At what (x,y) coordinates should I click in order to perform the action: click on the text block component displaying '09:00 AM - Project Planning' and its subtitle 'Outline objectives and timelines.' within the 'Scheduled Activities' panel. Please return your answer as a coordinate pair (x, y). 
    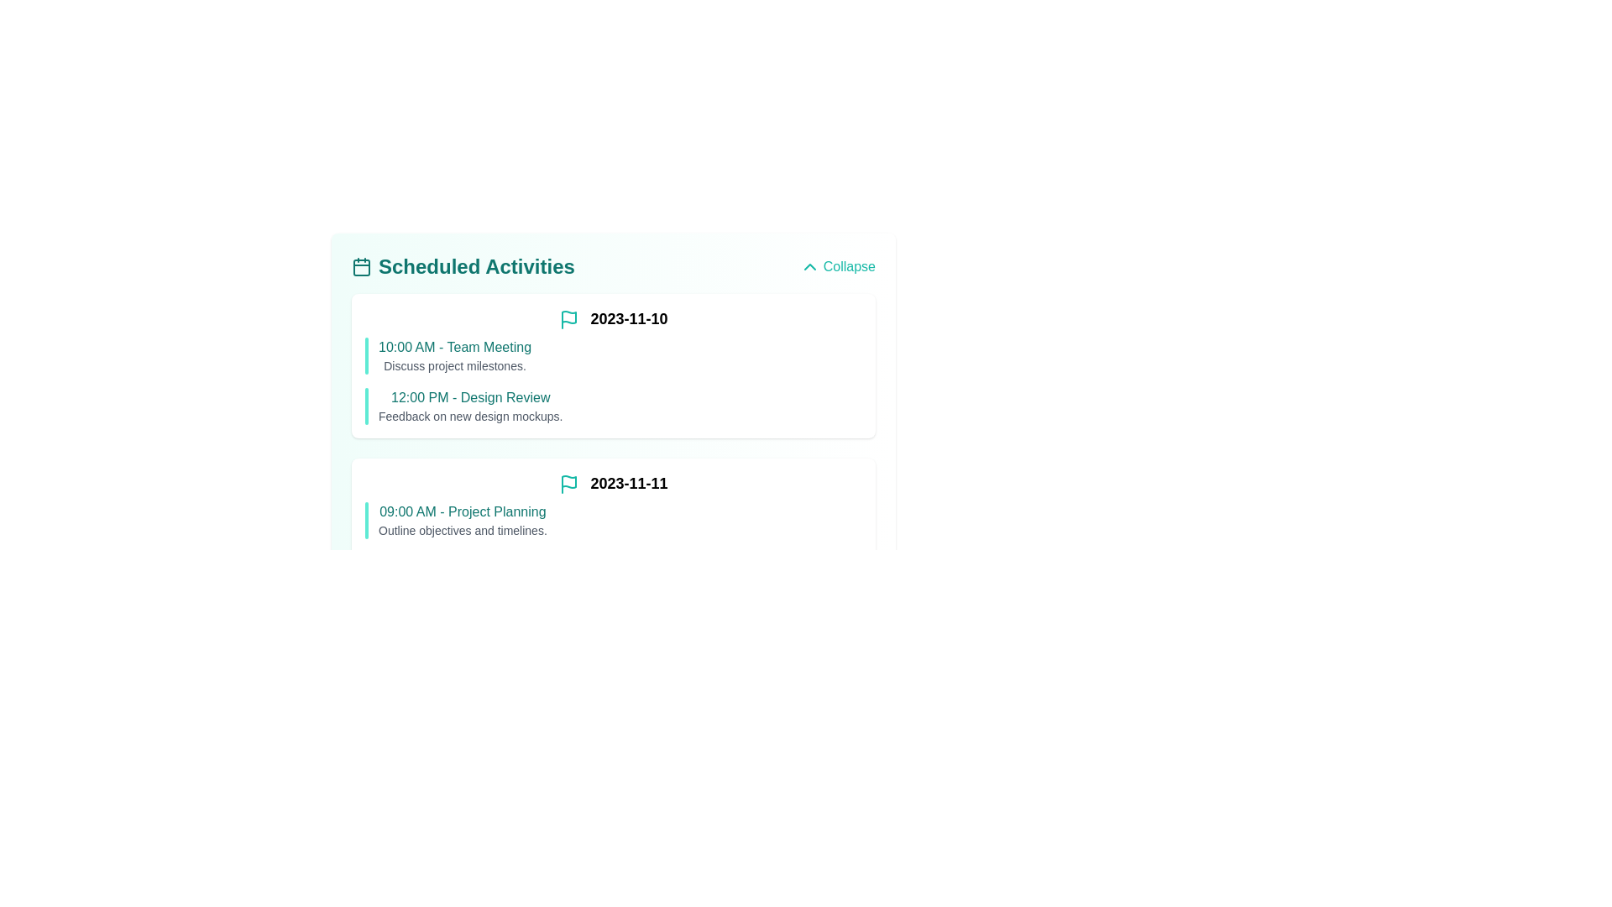
    Looking at the image, I should click on (463, 520).